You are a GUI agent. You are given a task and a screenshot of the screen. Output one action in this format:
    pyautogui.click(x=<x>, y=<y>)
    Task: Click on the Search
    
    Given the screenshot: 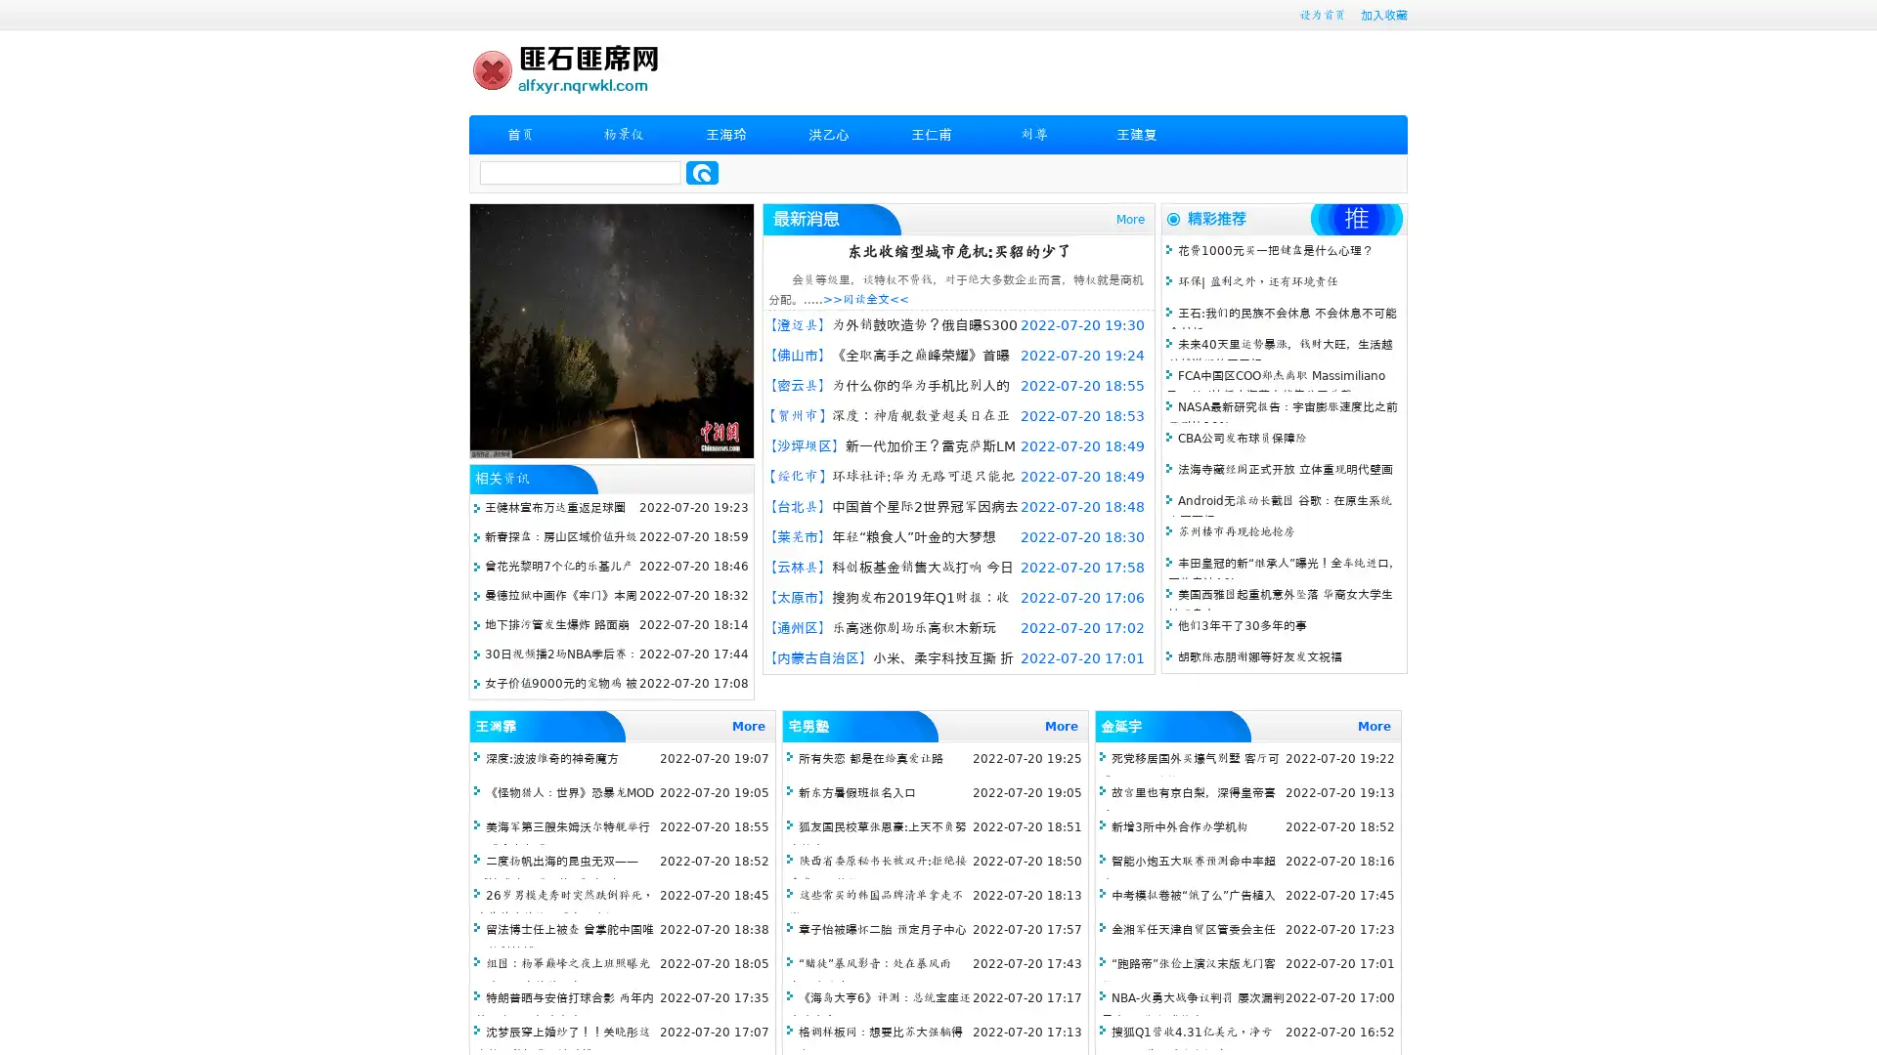 What is the action you would take?
    pyautogui.click(x=702, y=172)
    